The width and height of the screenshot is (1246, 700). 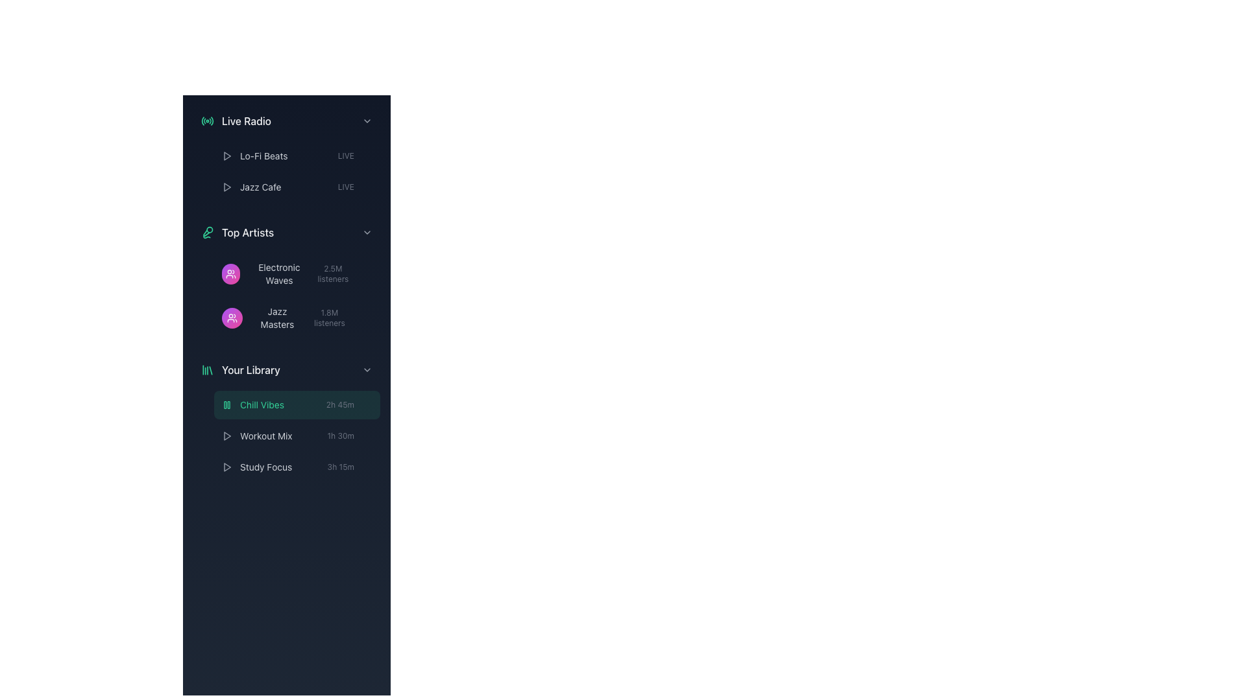 What do you see at coordinates (265, 274) in the screenshot?
I see `the static text label displaying 'Electronic Waves' in the 'Top Artists' section of the sidebar, which is light gray on a dark background and positioned next to a circular gradient icon` at bounding box center [265, 274].